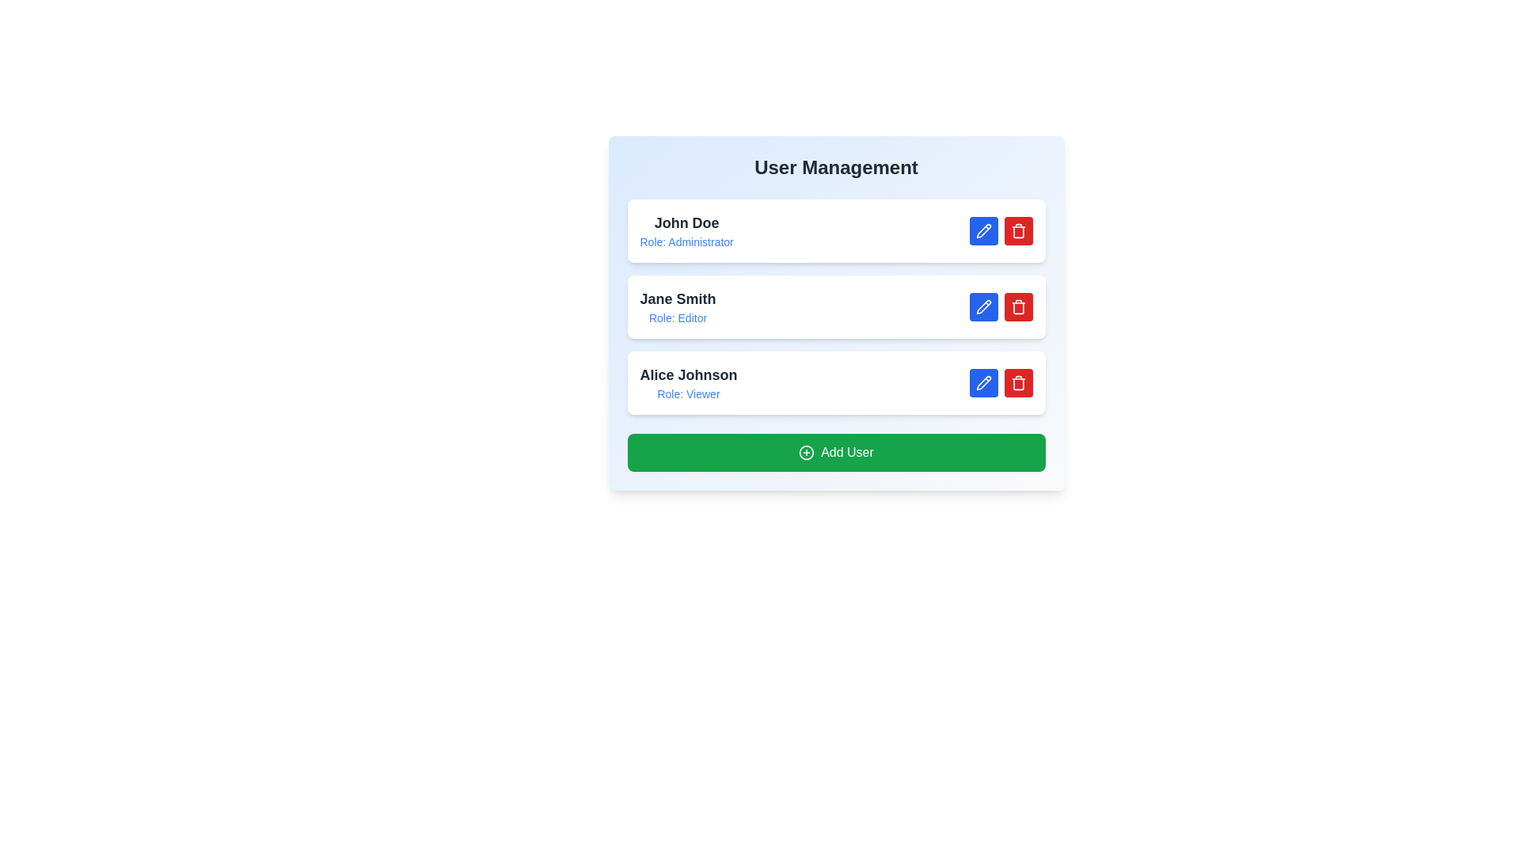  What do you see at coordinates (1018, 307) in the screenshot?
I see `delete button for the user Jane Smith to remove them from the list` at bounding box center [1018, 307].